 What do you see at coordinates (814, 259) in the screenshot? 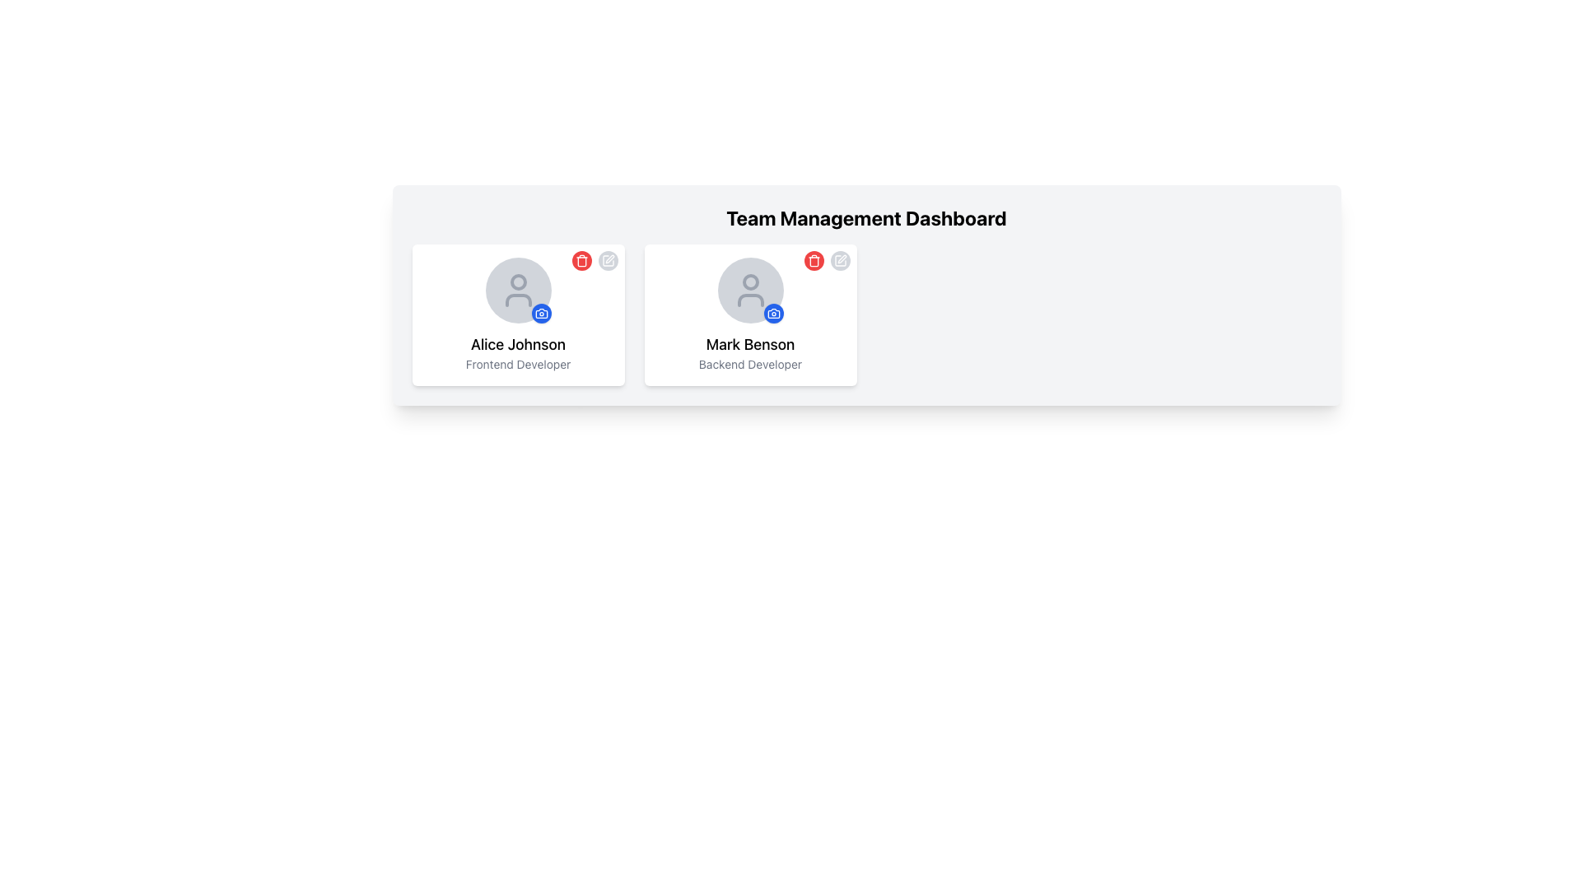
I see `the delete button located at the top-right corner of the user card for 'Mark Benson'` at bounding box center [814, 259].